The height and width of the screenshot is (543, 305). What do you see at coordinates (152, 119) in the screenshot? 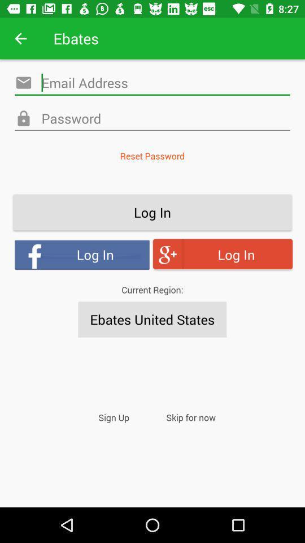
I see `email address` at bounding box center [152, 119].